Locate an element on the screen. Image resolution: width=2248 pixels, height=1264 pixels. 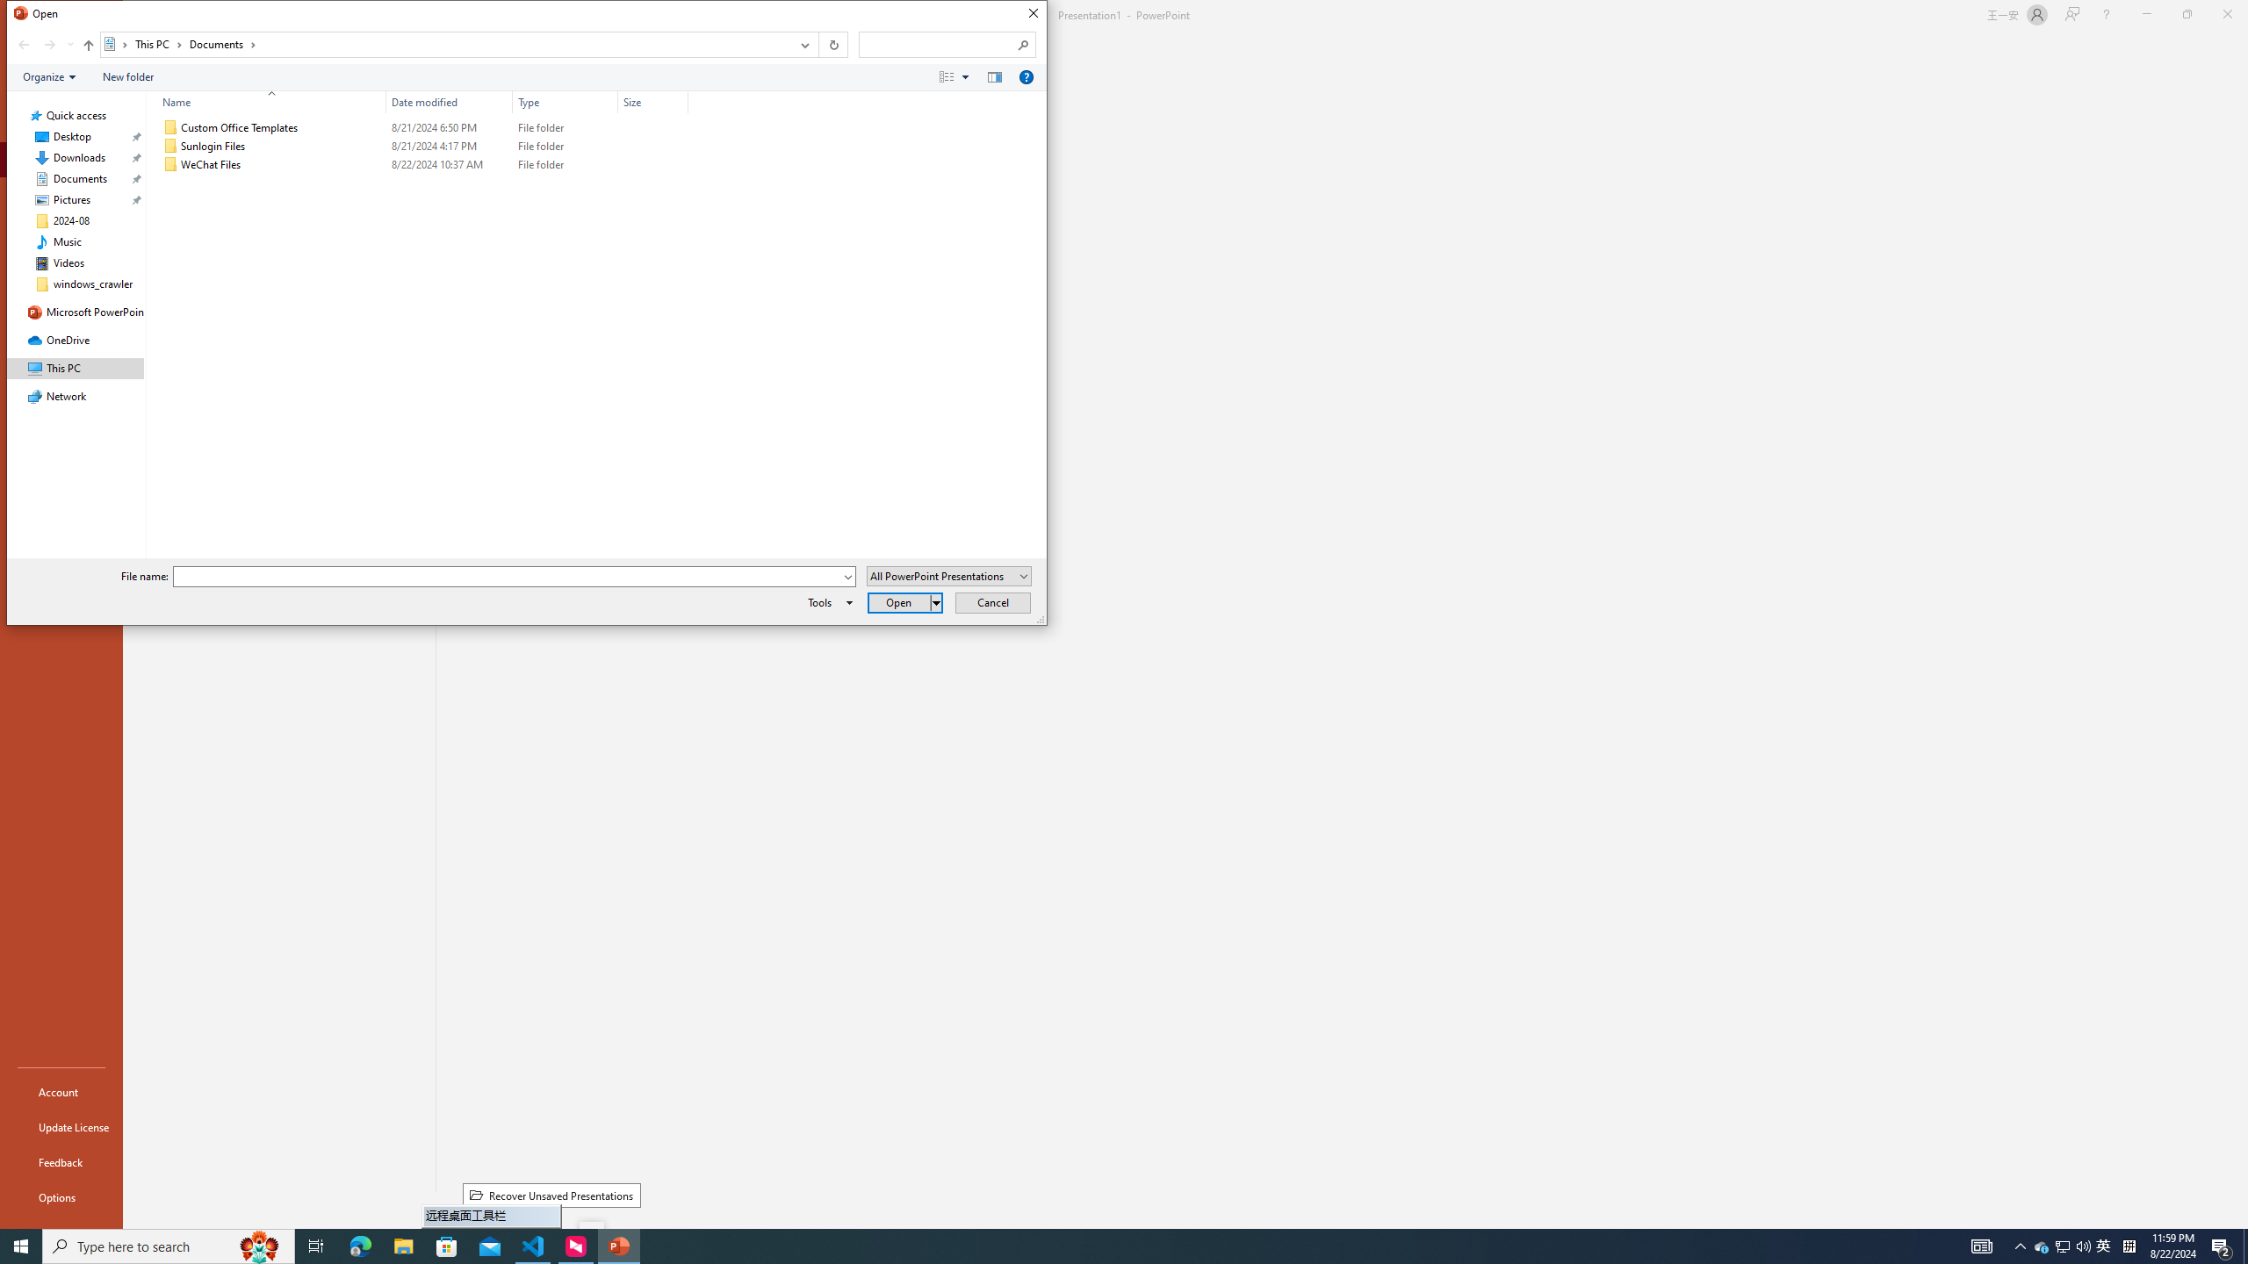
'Recover Unsaved Presentations' is located at coordinates (551, 1196).